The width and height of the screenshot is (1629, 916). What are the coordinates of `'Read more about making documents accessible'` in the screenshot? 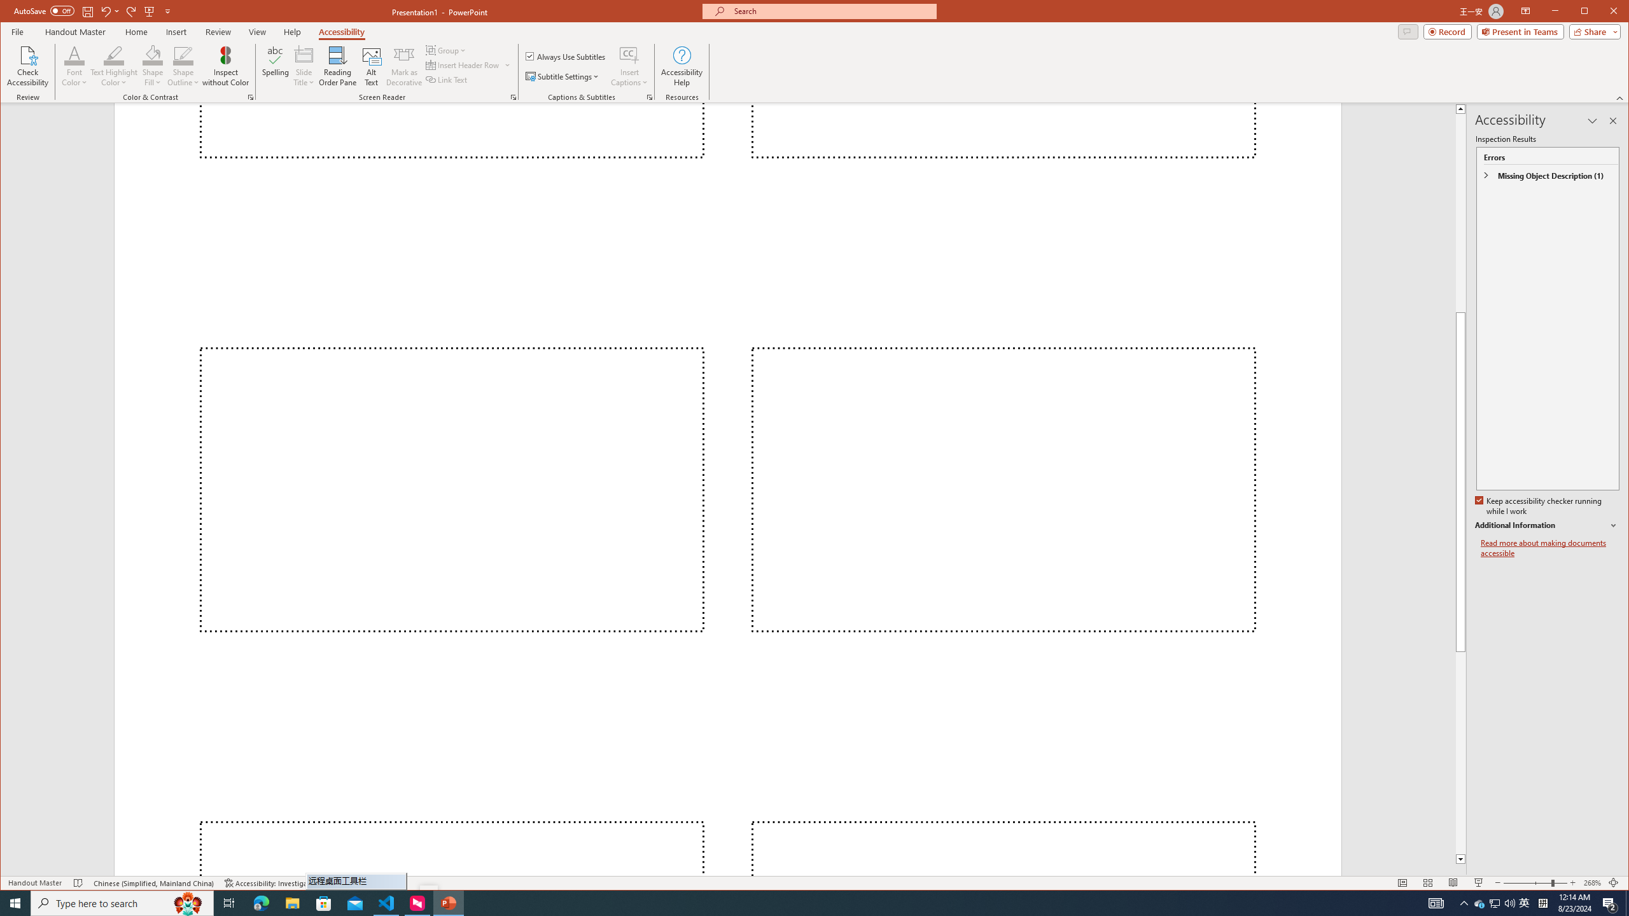 It's located at (1549, 548).